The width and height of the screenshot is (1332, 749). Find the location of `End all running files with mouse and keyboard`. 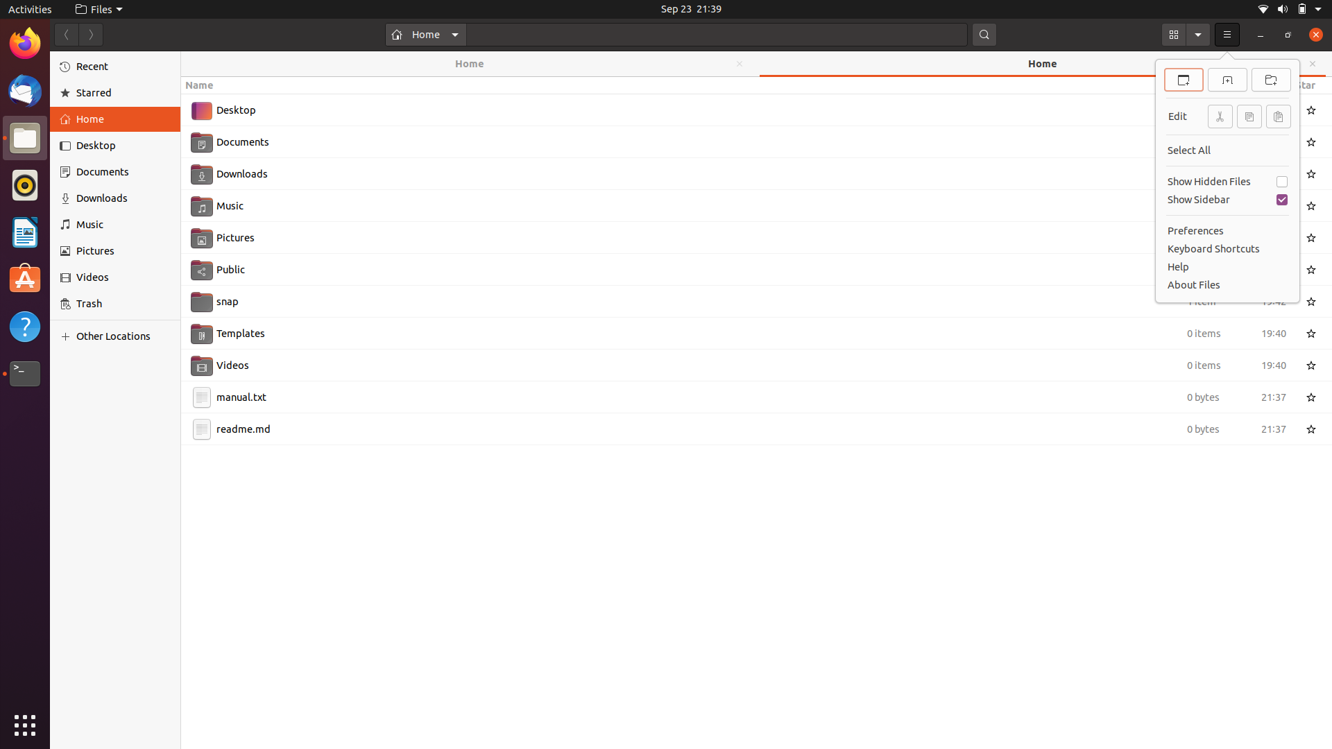

End all running files with mouse and keyboard is located at coordinates (24, 138).